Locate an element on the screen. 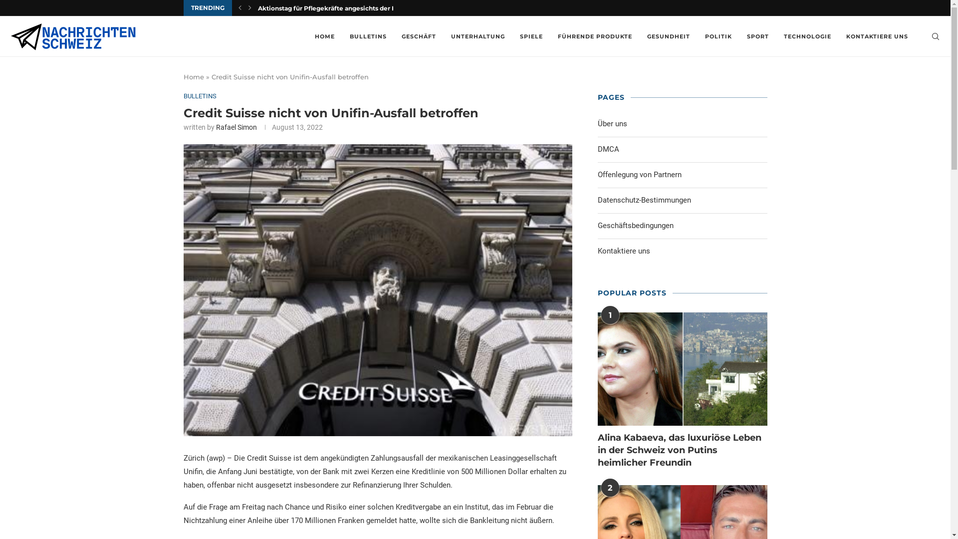 The height and width of the screenshot is (539, 958). 'Rafael Simon' is located at coordinates (236, 126).